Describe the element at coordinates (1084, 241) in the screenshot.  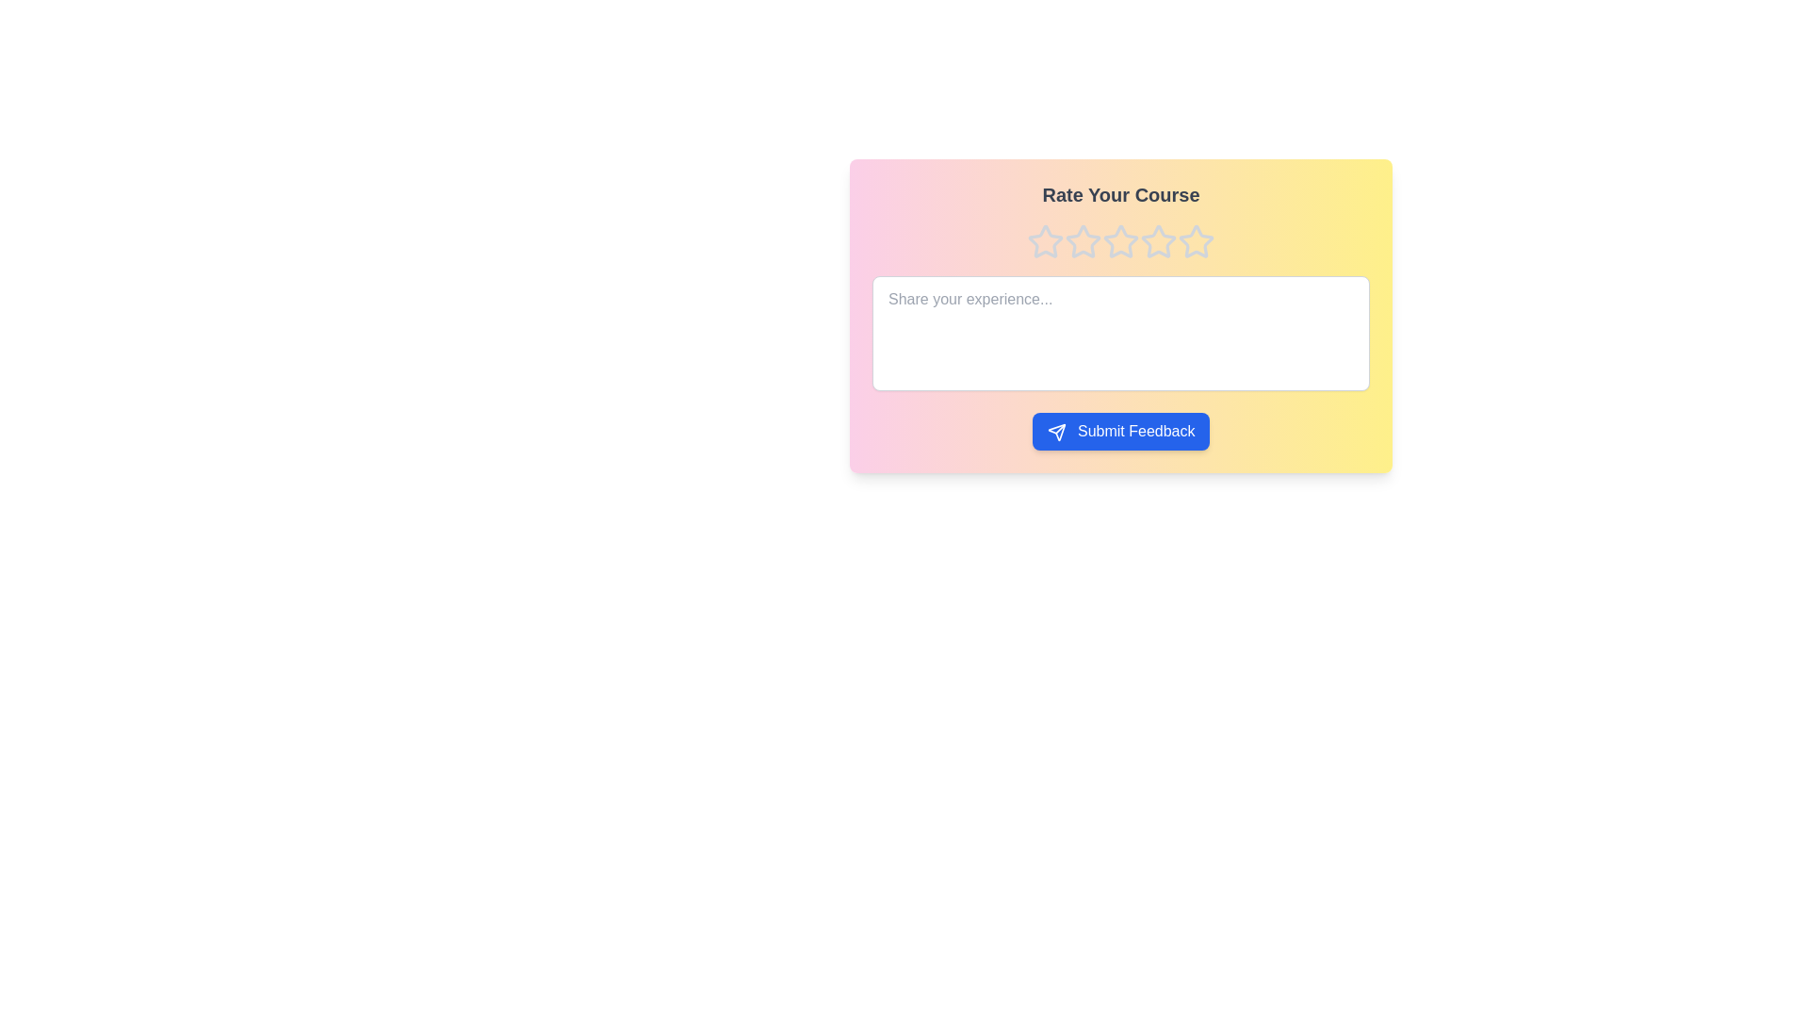
I see `the second interactive star icon for rating, which is outlined in gray` at that location.